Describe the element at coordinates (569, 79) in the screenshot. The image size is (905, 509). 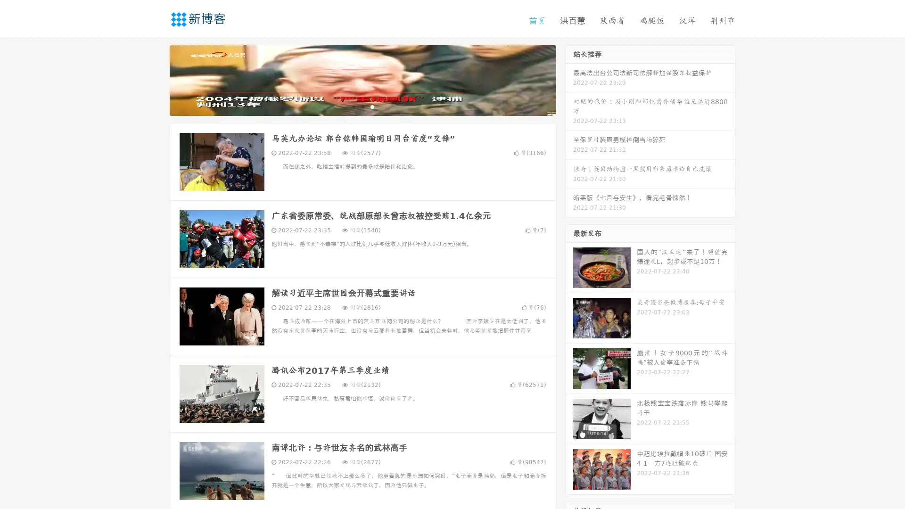
I see `Next slide` at that location.